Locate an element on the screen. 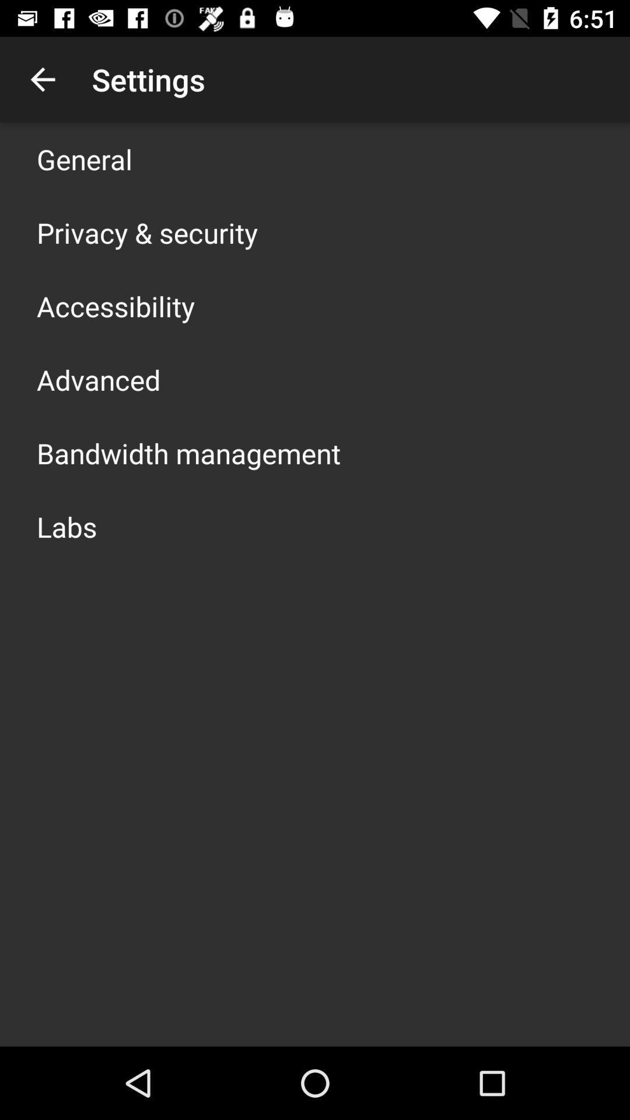 The image size is (630, 1120). app above accessibility item is located at coordinates (146, 232).